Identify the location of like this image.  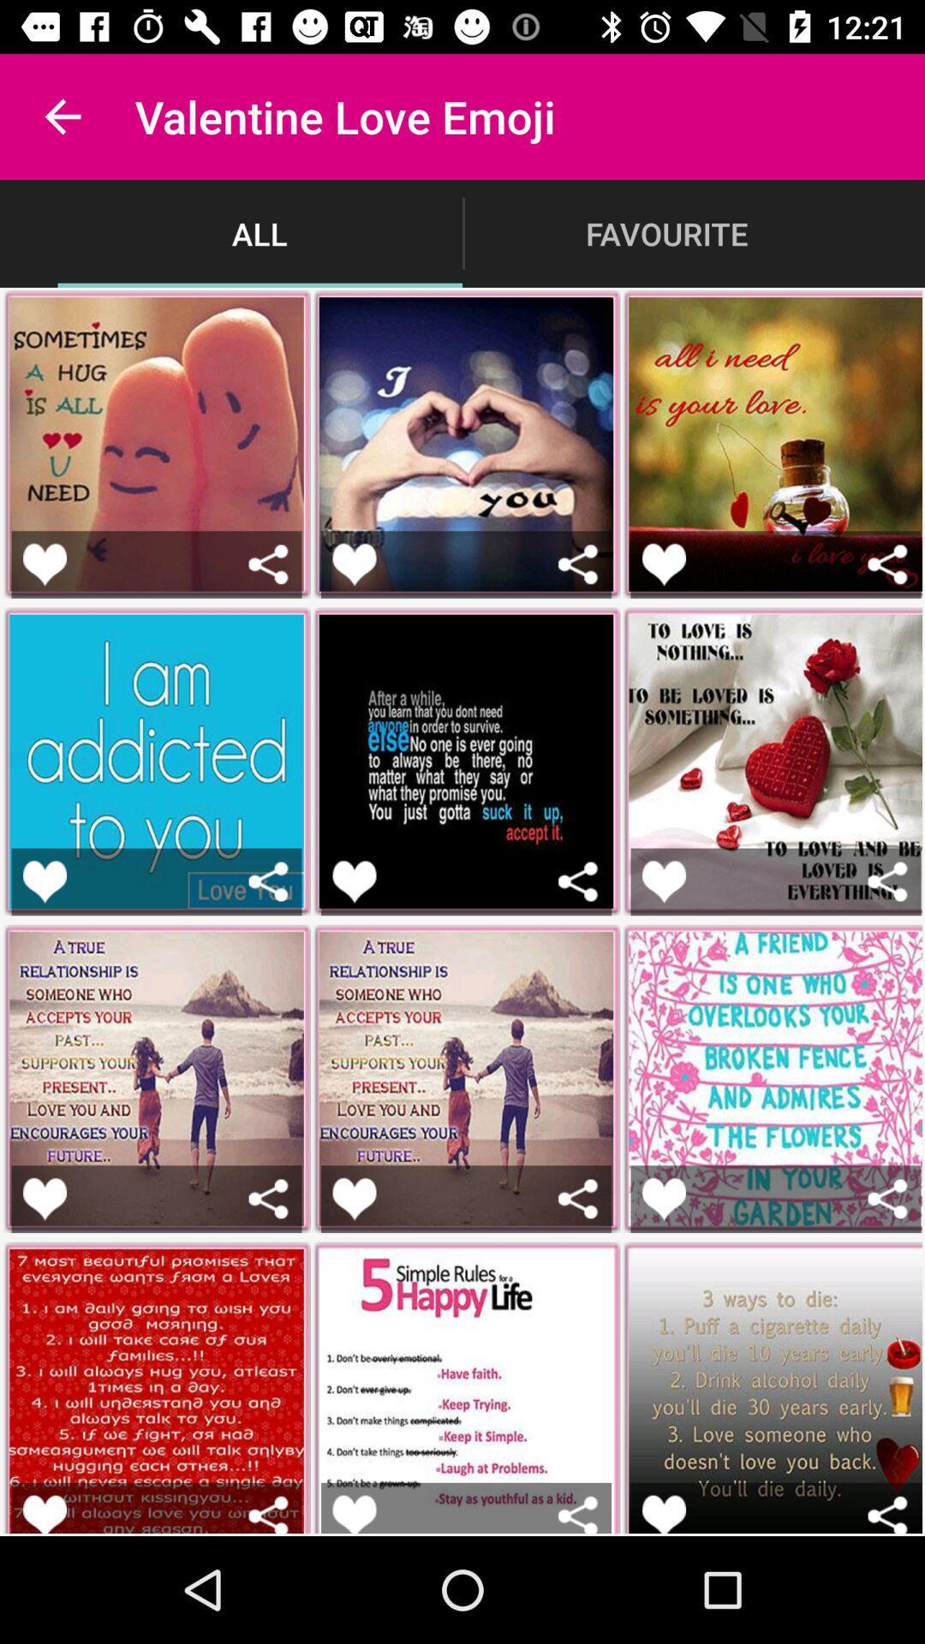
(663, 1514).